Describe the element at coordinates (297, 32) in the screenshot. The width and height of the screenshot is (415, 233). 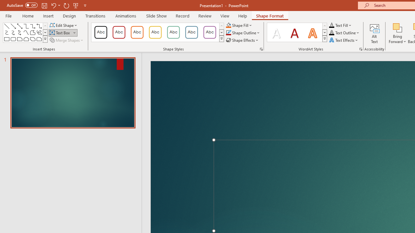
I see `'AutomationID: TextStylesGallery'` at that location.